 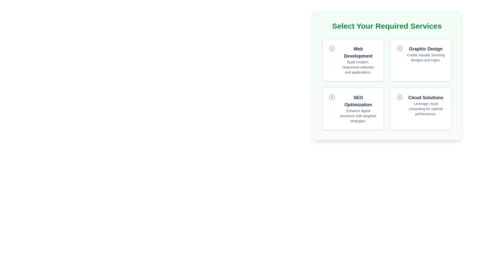 I want to click on the static text element titled 'Graphic Design' with the description 'Create visually stunning designs and logos.' located in the top-right quadrant of the interface, specifically part of the second card from the left in the service list, so click(x=426, y=54).